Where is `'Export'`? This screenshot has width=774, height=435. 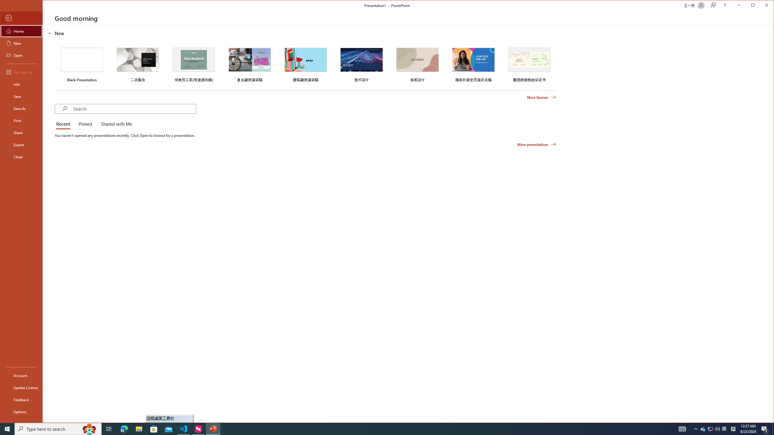
'Export' is located at coordinates (21, 144).